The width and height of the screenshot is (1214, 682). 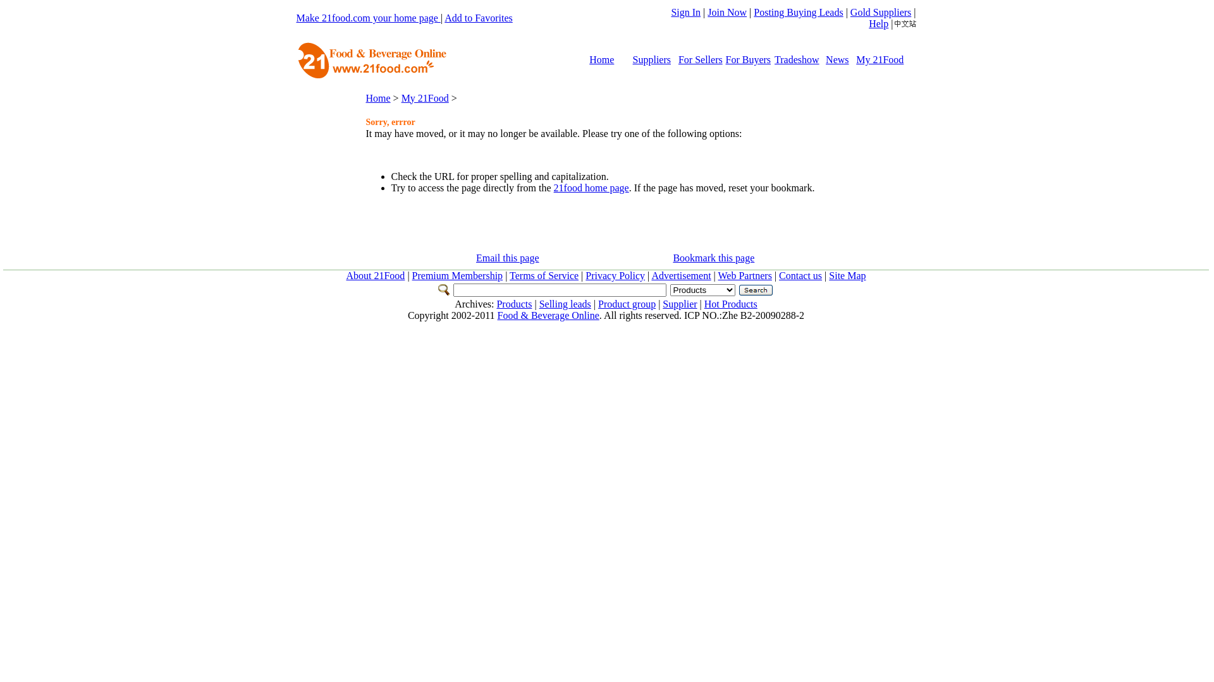 I want to click on 'Suppliers', so click(x=652, y=59).